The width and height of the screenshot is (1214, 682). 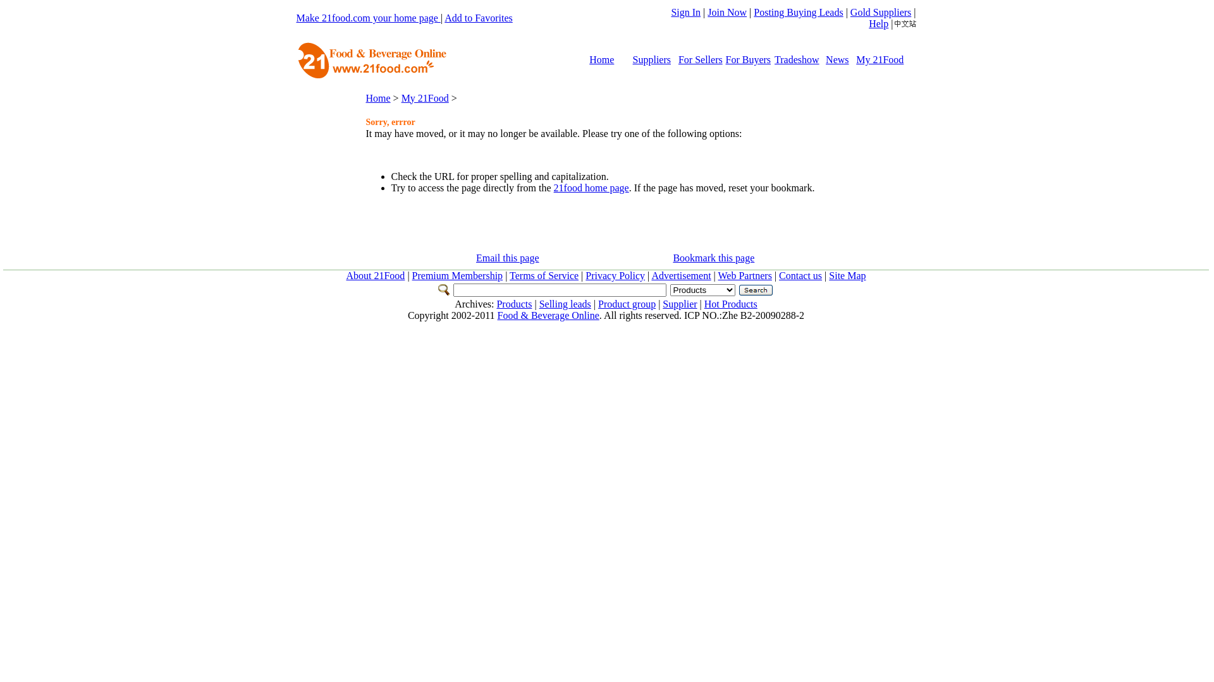 I want to click on 'Suppliers', so click(x=652, y=59).